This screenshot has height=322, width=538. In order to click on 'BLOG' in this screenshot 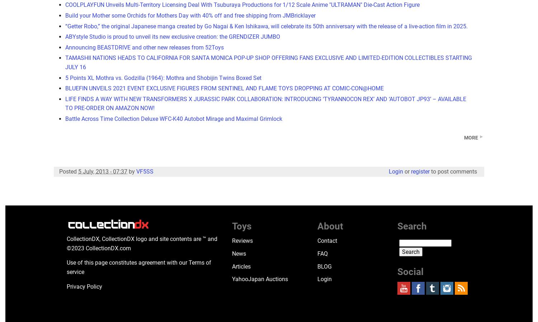, I will do `click(324, 266)`.